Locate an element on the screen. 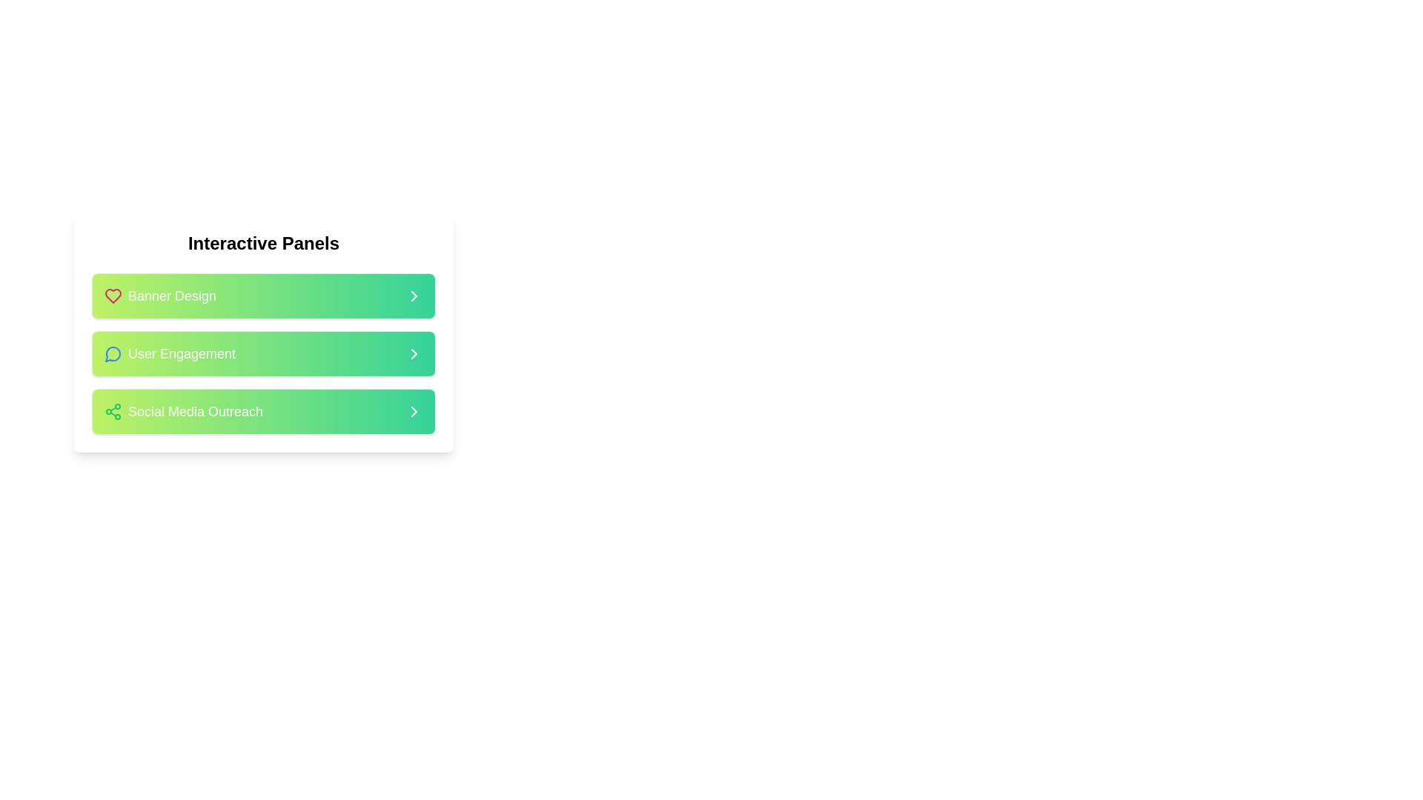  the appearance of the heart icon located to the left of the 'Banner Design' label in the first row of the 'Interactive Panels' list is located at coordinates (113, 296).